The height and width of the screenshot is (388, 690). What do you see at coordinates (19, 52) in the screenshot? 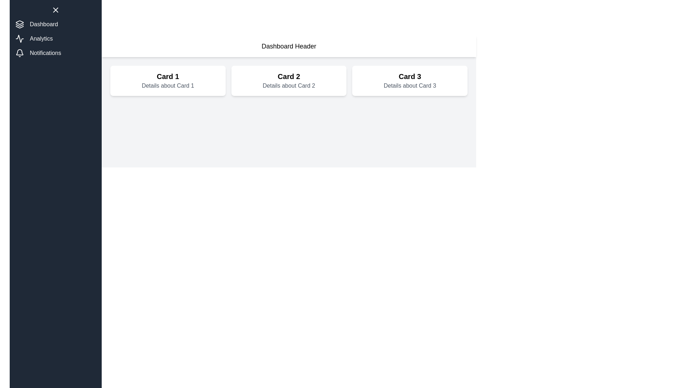
I see `the bell icon located next to the 'Notifications' text in the vertical navigation panel on the left side` at bounding box center [19, 52].